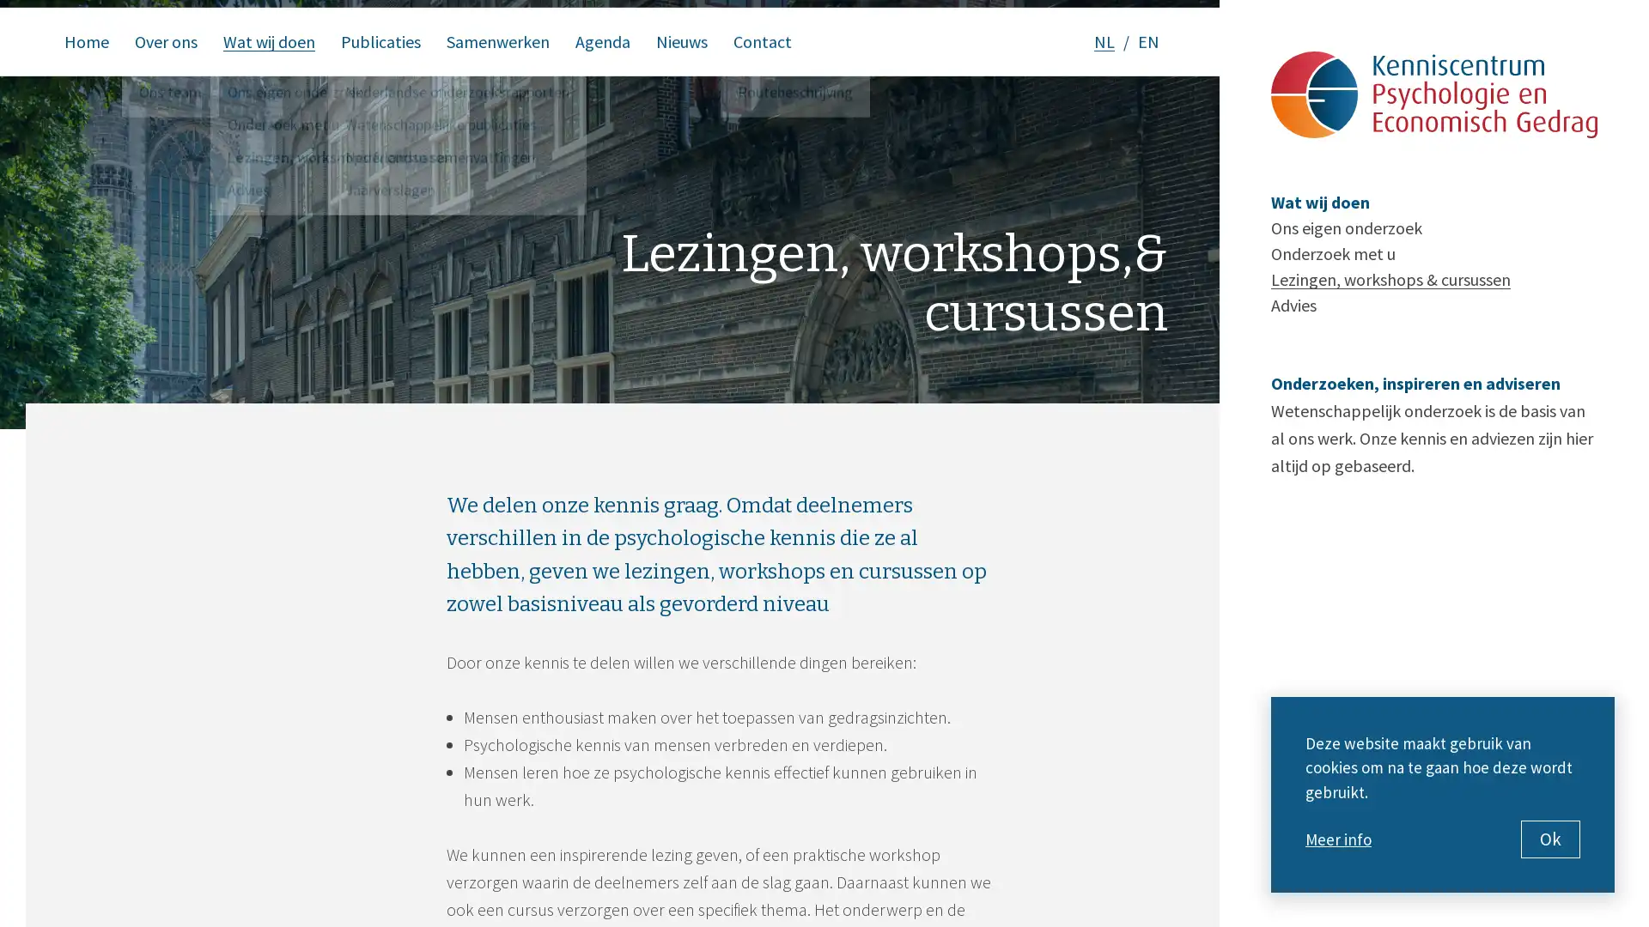 The width and height of the screenshot is (1649, 927). Describe the element at coordinates (1550, 839) in the screenshot. I see `Ok` at that location.